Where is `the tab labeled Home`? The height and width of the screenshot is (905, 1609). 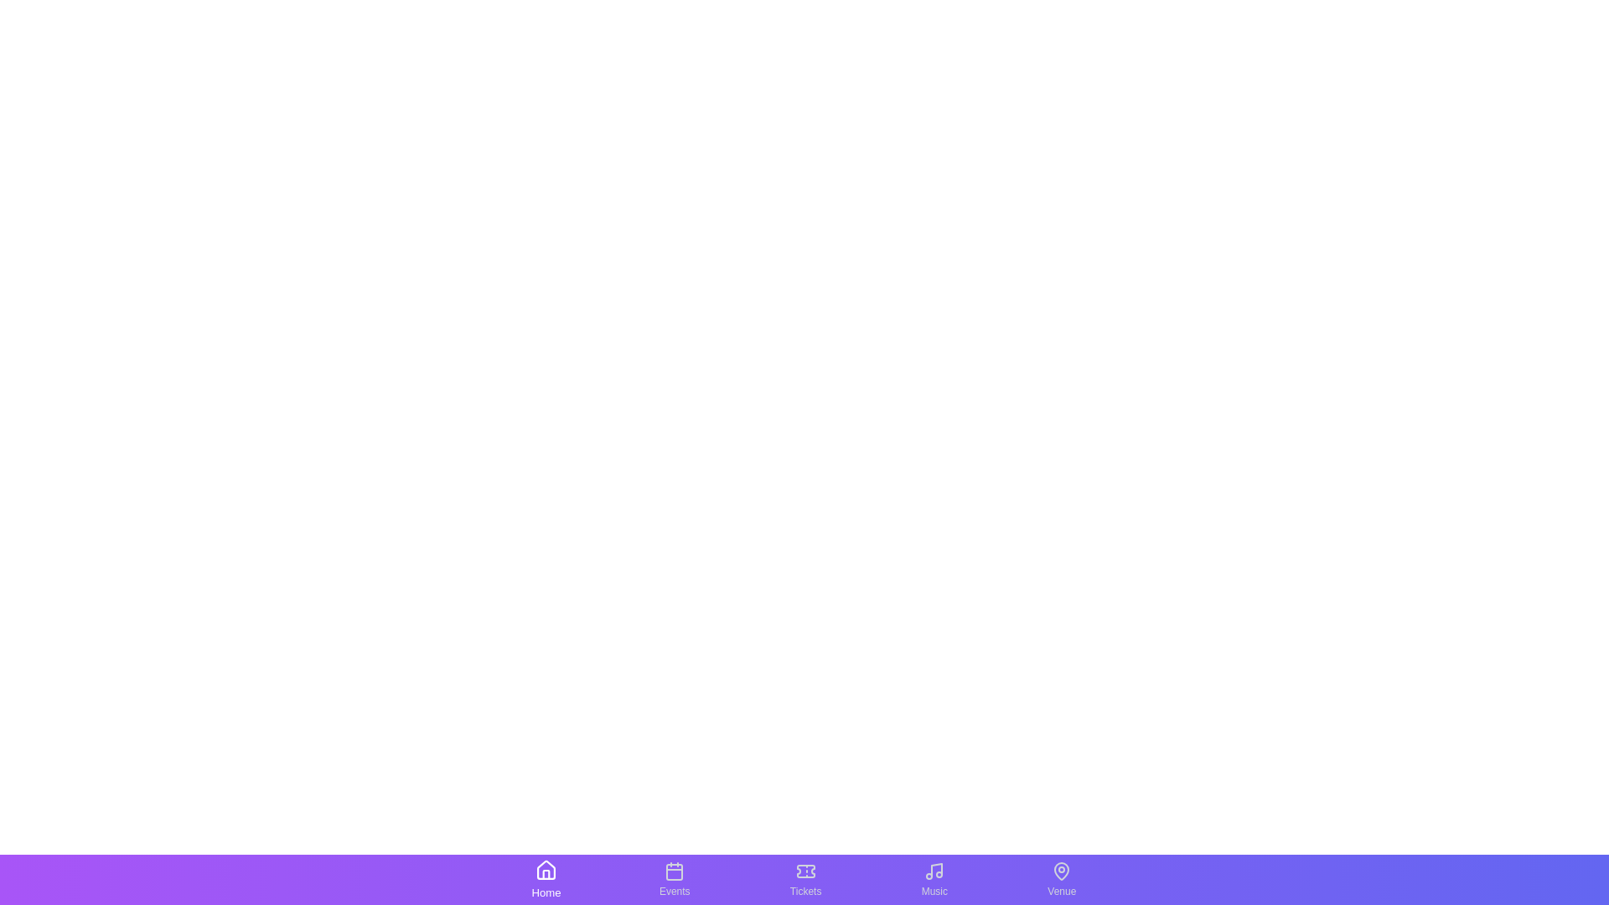
the tab labeled Home is located at coordinates (546, 878).